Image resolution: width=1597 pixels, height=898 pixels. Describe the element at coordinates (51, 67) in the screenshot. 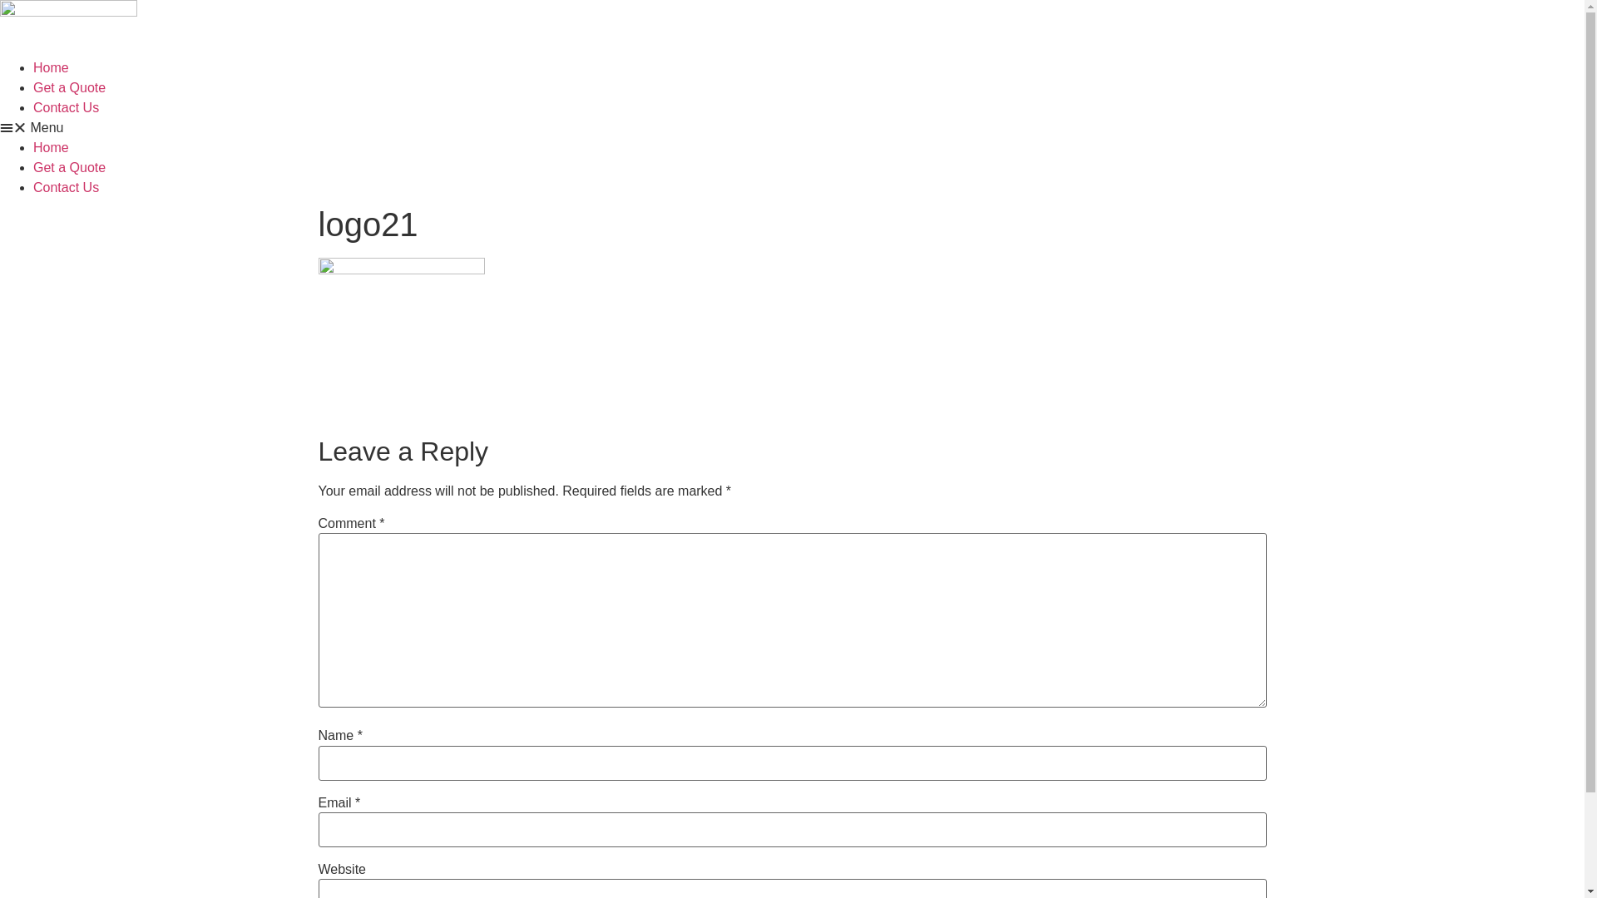

I see `'Home'` at that location.